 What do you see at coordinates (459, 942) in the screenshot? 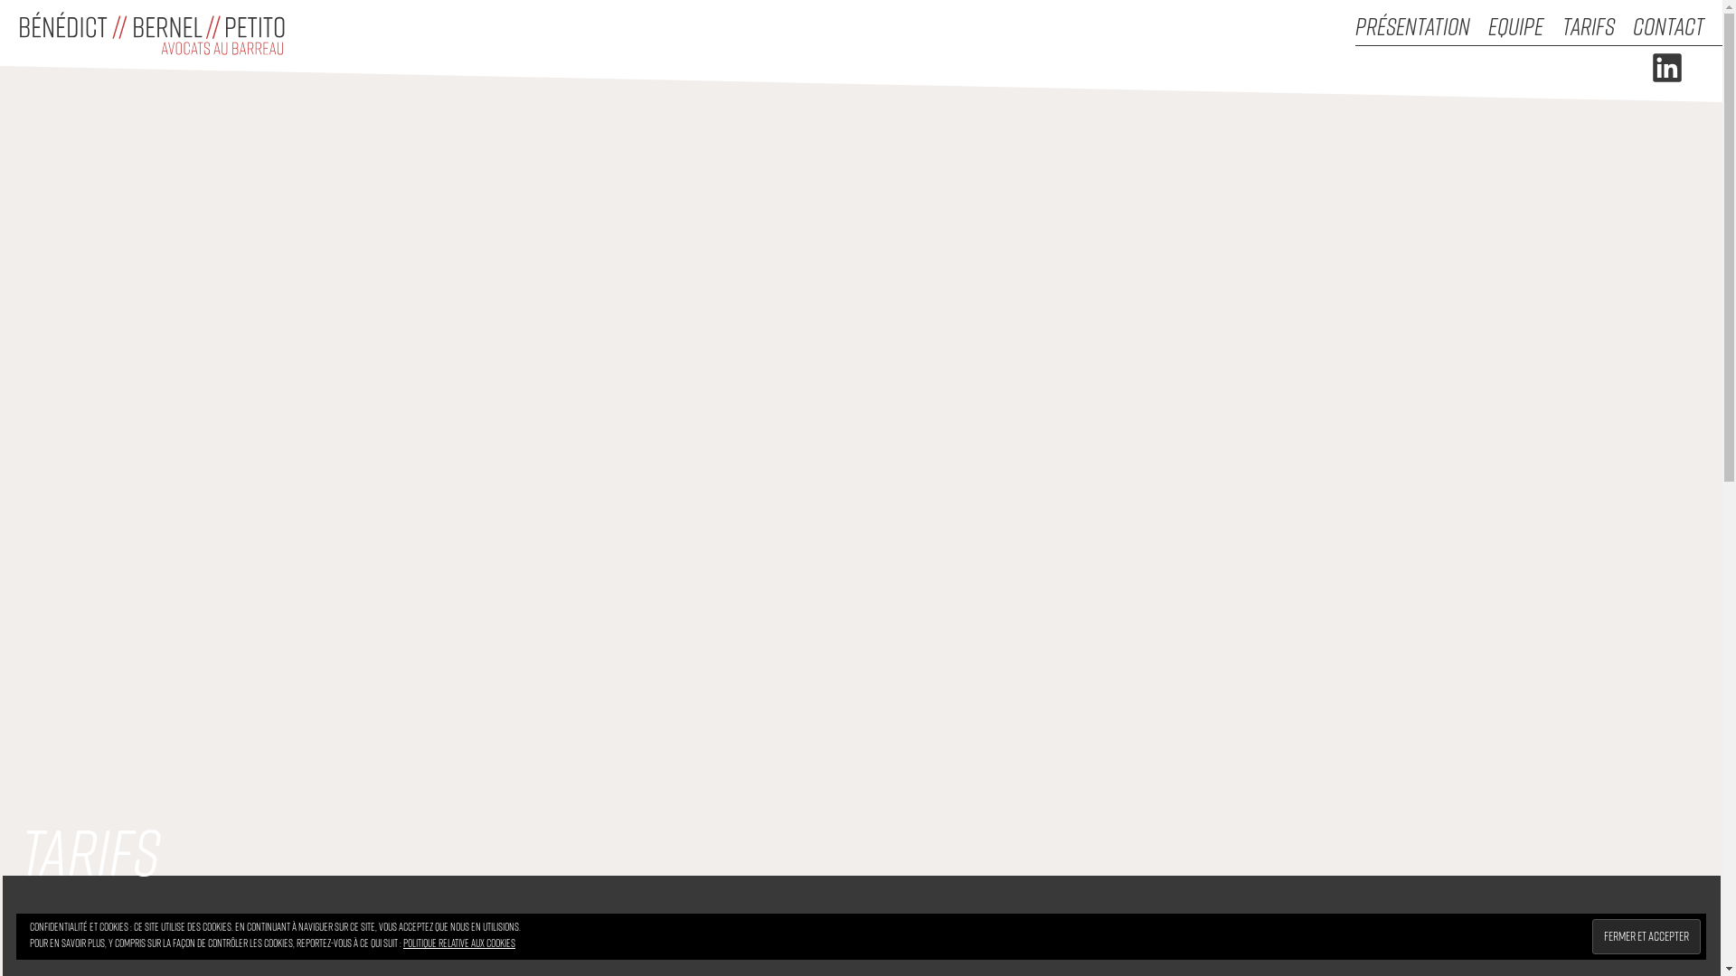
I see `'Politique relative aux cookies'` at bounding box center [459, 942].